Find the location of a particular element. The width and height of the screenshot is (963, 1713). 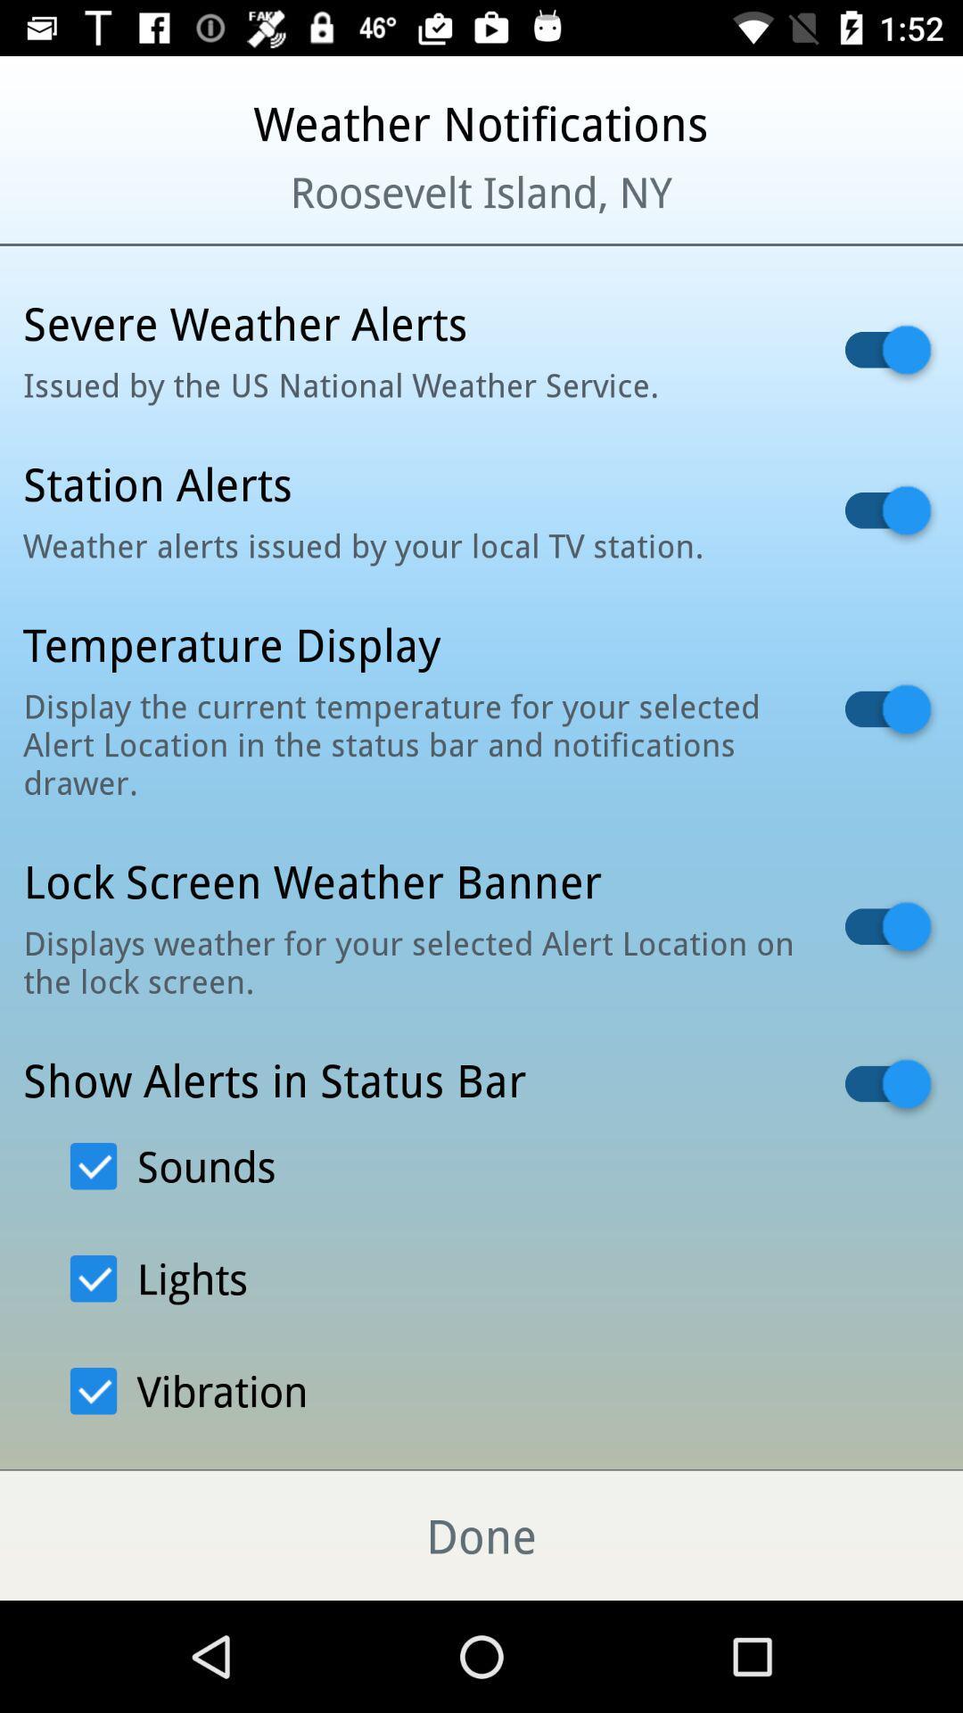

vibration is located at coordinates (189, 1390).